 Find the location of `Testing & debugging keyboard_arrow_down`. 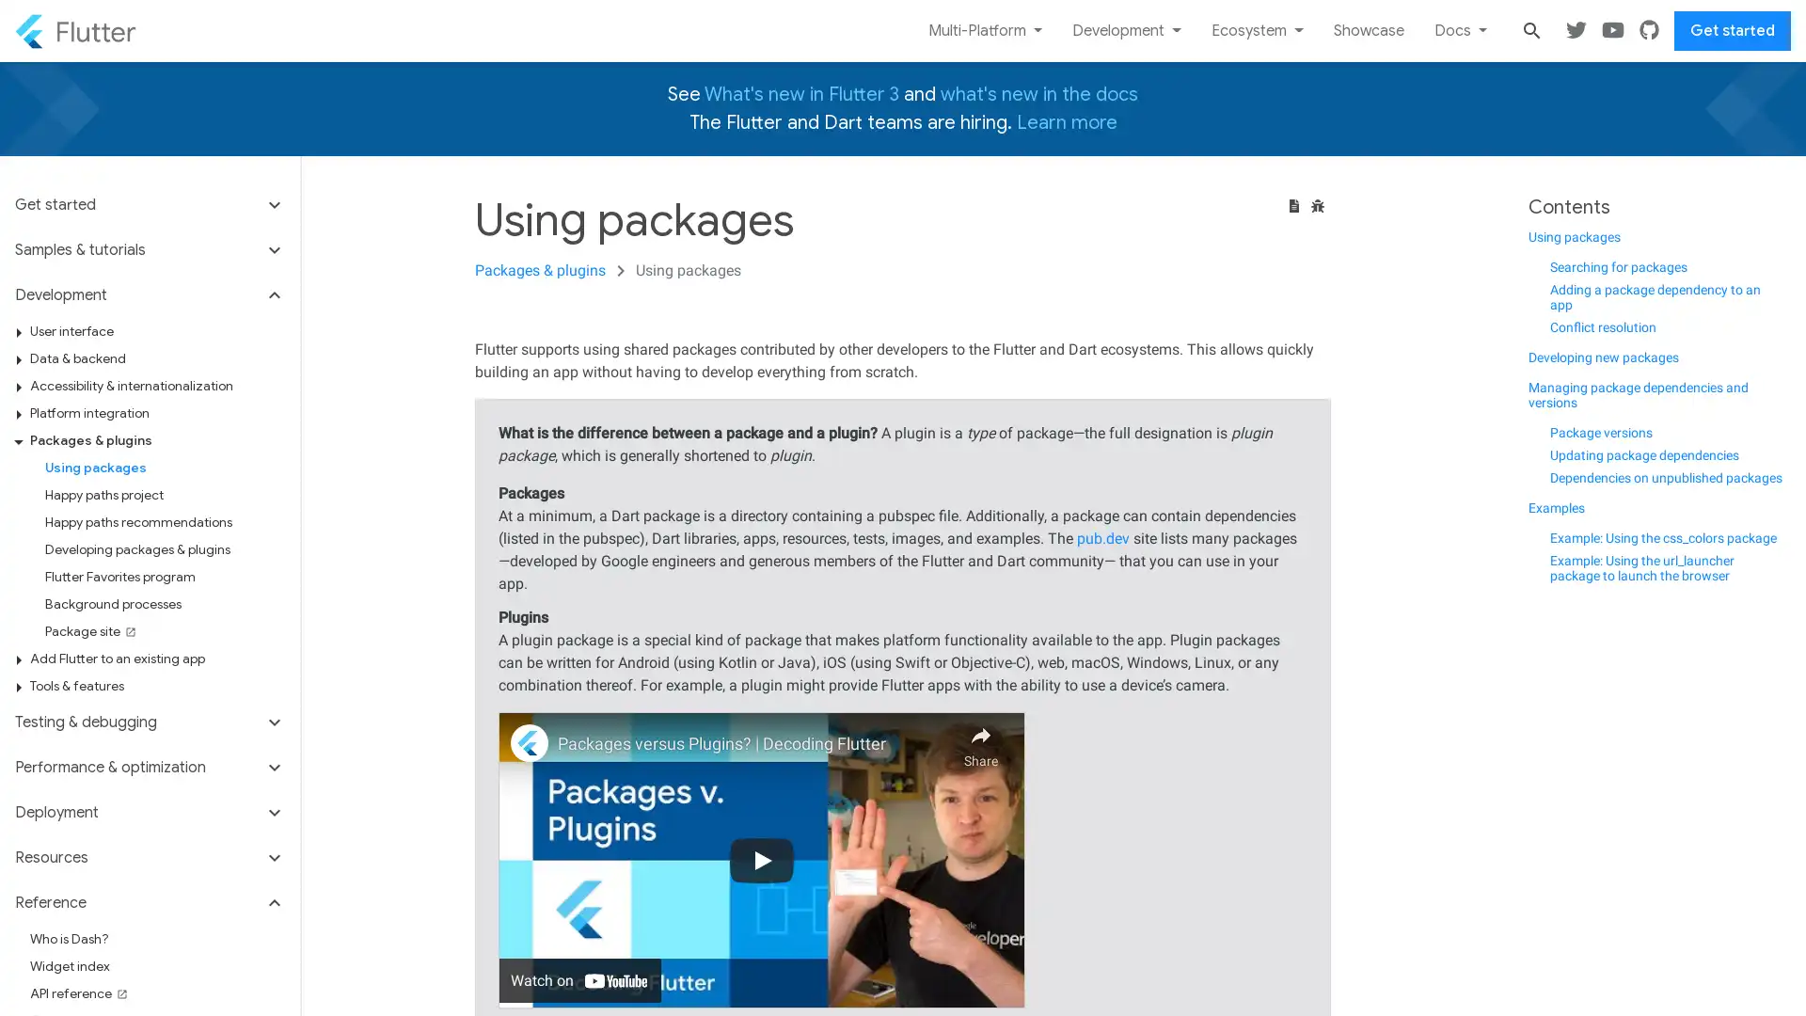

Testing & debugging keyboard_arrow_down is located at coordinates (149, 721).